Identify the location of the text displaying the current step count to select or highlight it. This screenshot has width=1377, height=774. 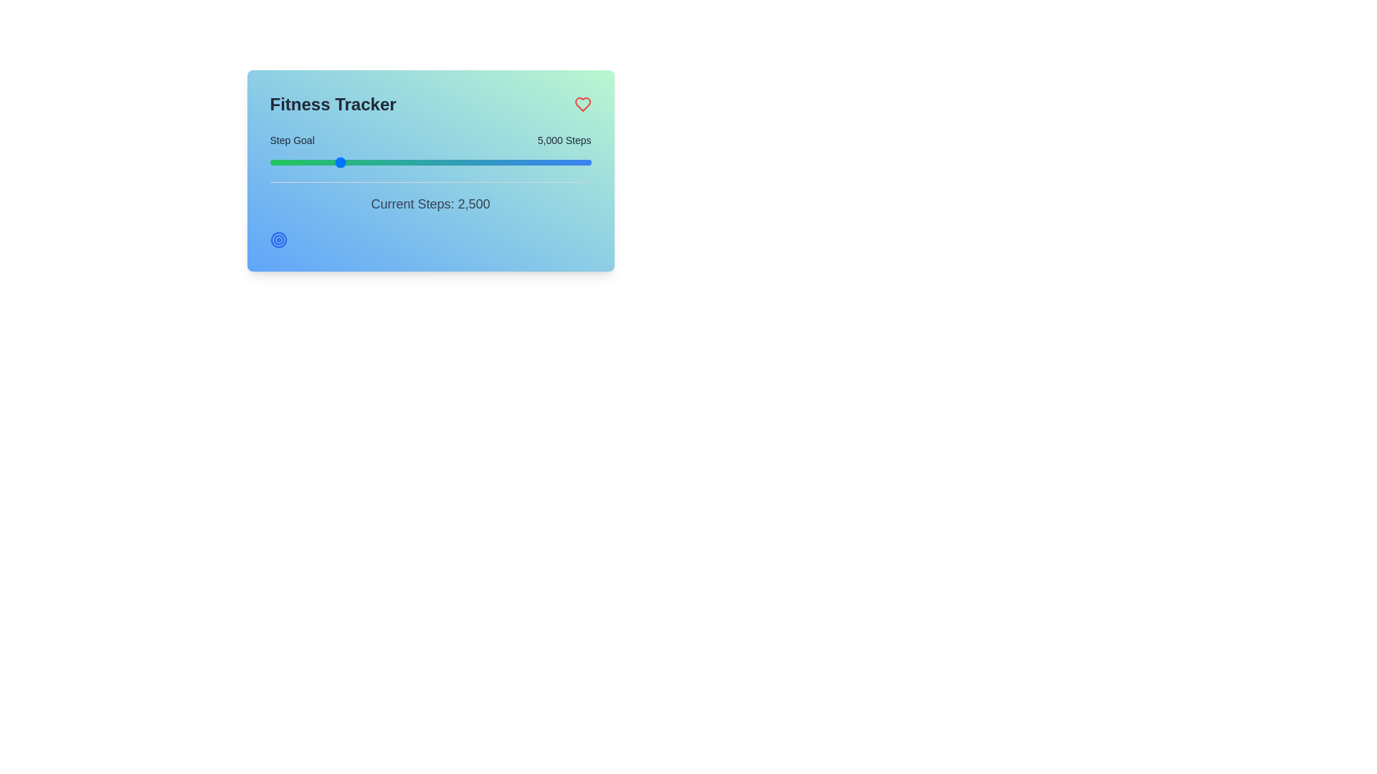
(430, 204).